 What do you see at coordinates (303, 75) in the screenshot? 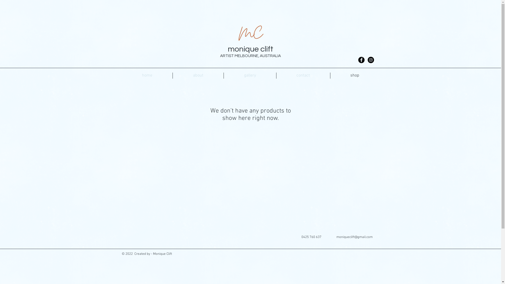
I see `'contact'` at bounding box center [303, 75].